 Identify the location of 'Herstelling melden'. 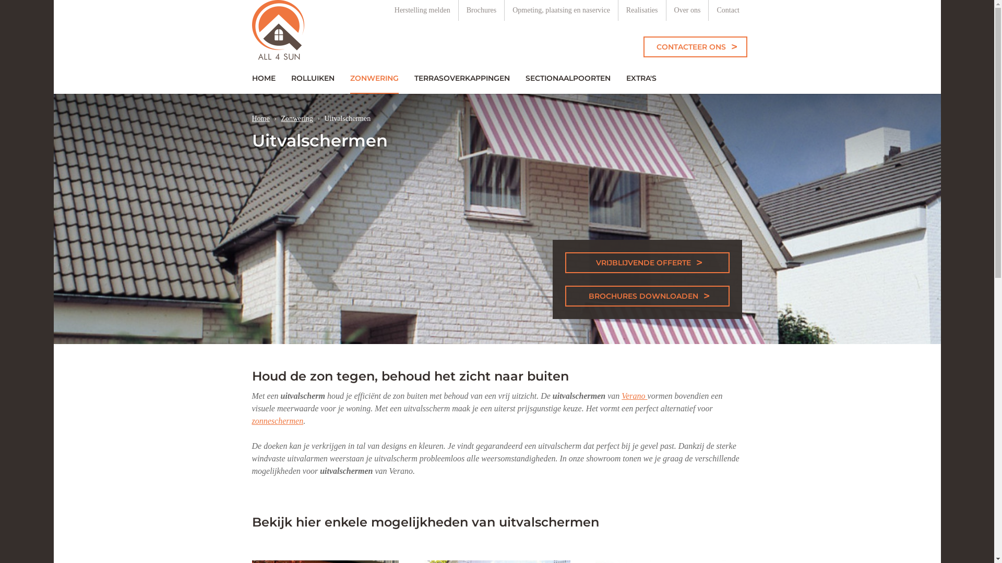
(422, 10).